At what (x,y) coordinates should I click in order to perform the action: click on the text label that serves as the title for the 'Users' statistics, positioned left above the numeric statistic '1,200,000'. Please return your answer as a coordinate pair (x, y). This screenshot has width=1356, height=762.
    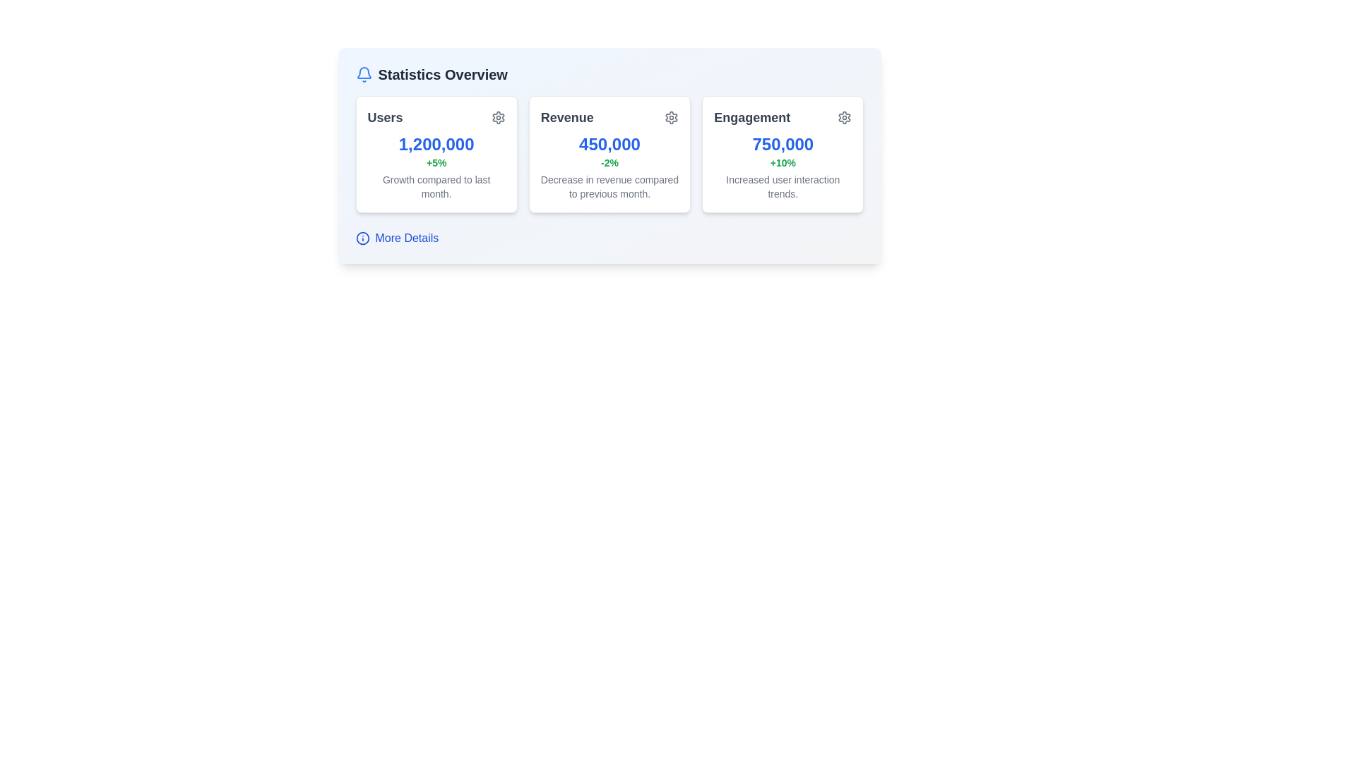
    Looking at the image, I should click on (385, 116).